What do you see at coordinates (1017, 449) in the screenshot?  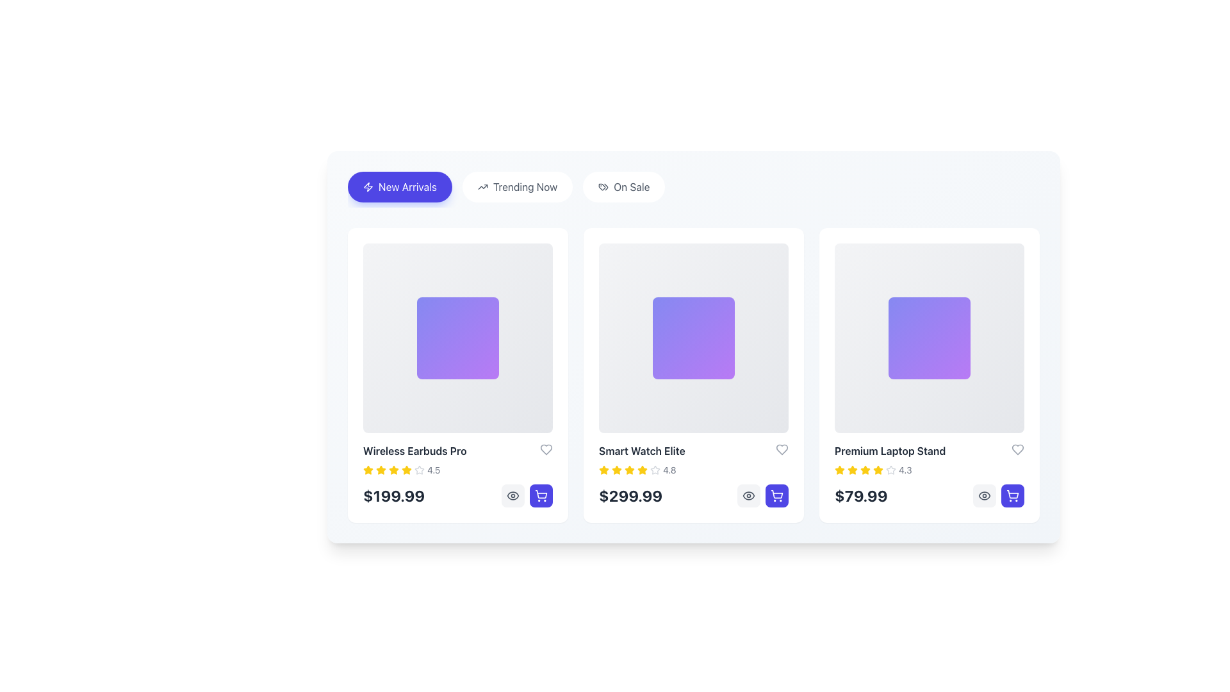 I see `the heart icon in the bottom-right corner of the product card for 'Premium Laptop Stand' to favorite the product` at bounding box center [1017, 449].